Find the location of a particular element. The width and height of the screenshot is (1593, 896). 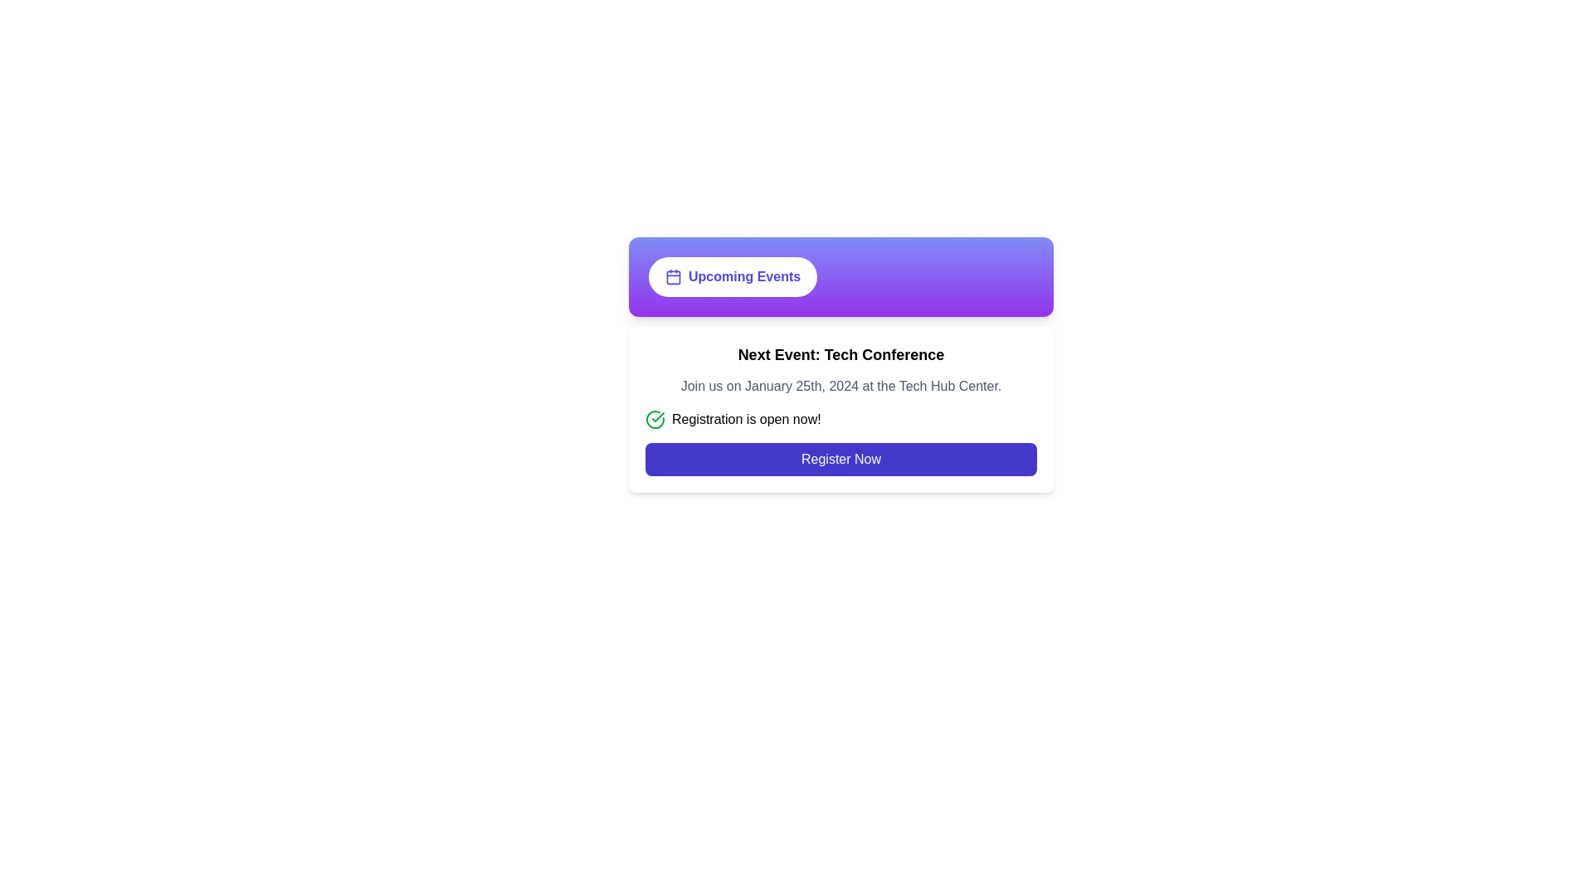

the 'Register Now' button, which is a rectangular button with rounded corners, deep indigo background, and white text is located at coordinates (840, 460).